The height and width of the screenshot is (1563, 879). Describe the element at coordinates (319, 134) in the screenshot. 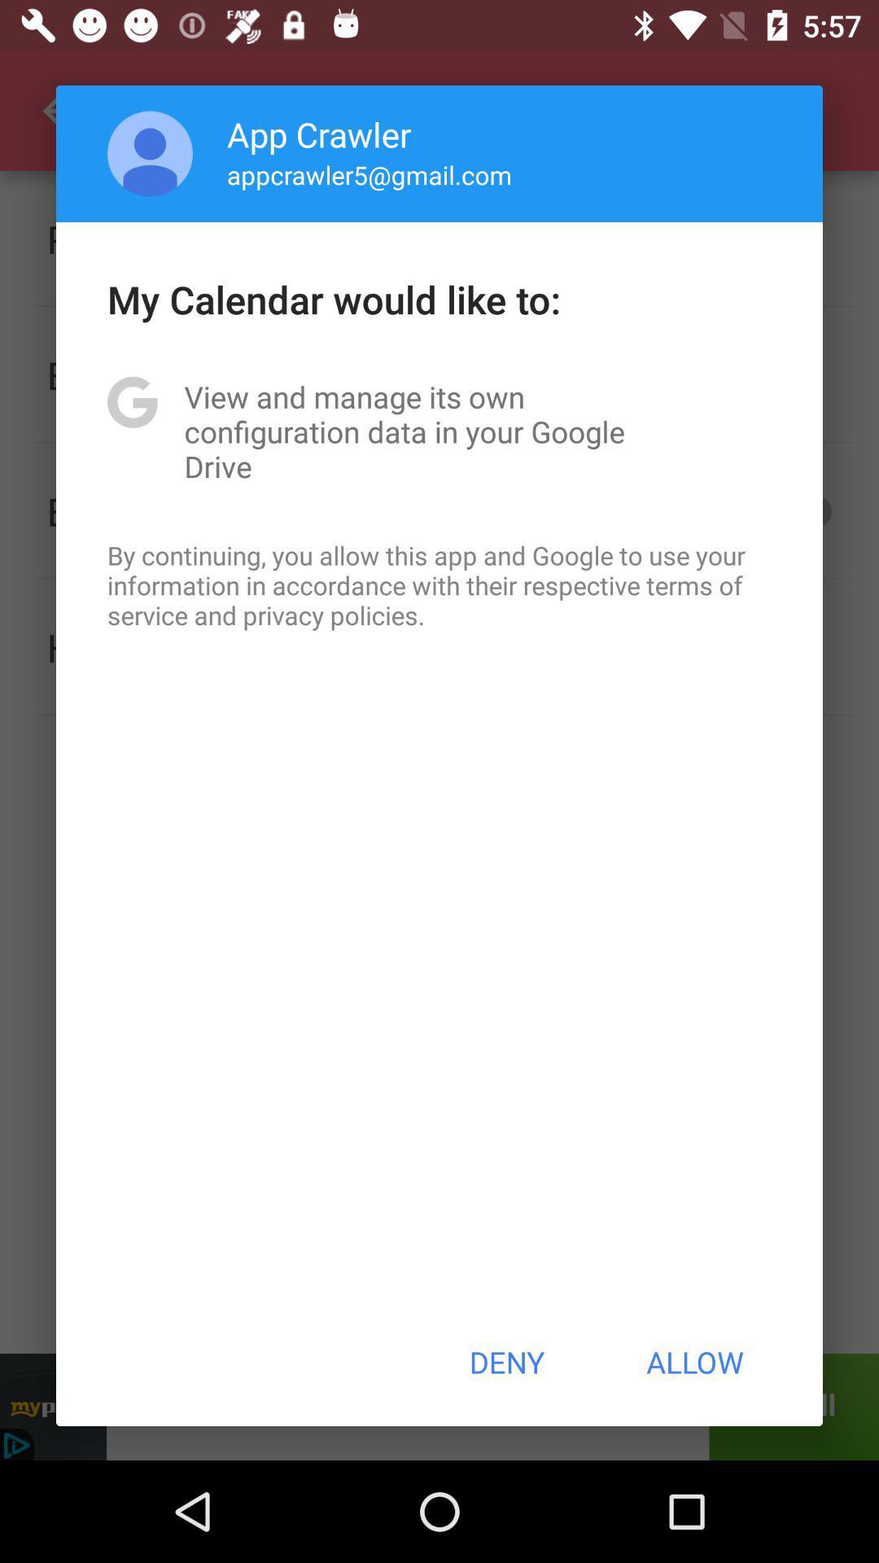

I see `the app crawler` at that location.